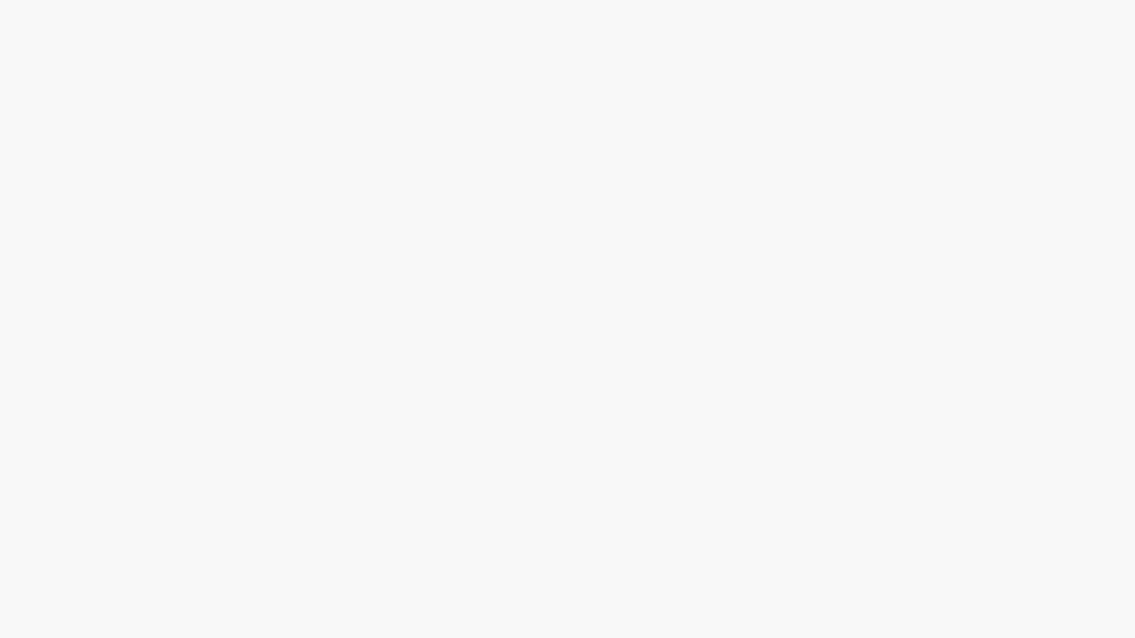  Describe the element at coordinates (1081, 334) in the screenshot. I see `Botao Compartilhar` at that location.